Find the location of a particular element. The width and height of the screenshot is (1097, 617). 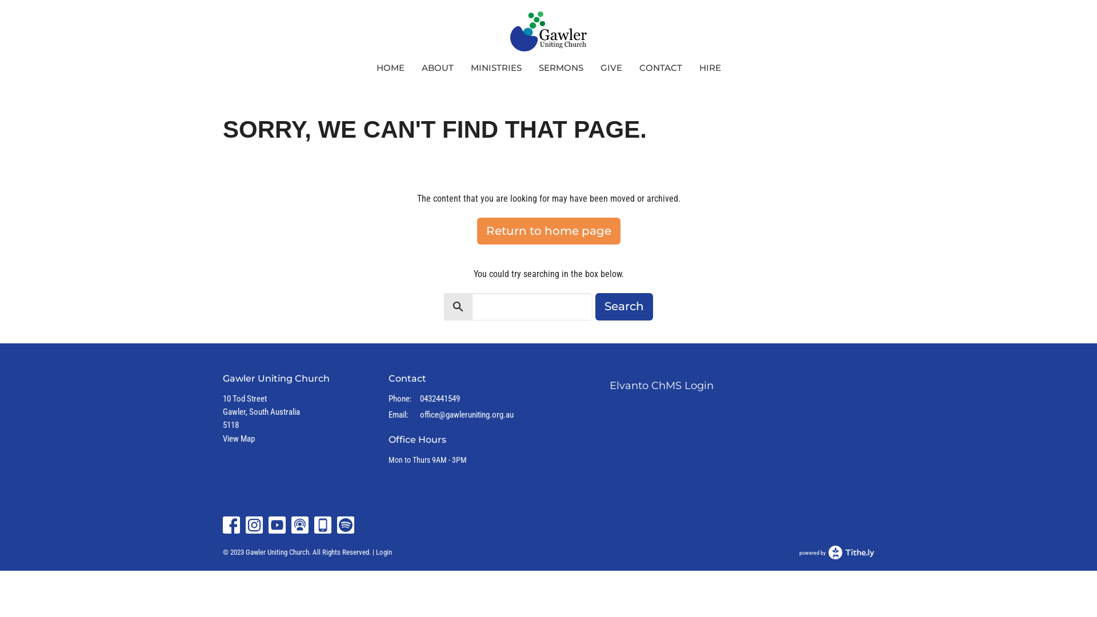

'office@gawleruniting.org.au' is located at coordinates (419, 415).